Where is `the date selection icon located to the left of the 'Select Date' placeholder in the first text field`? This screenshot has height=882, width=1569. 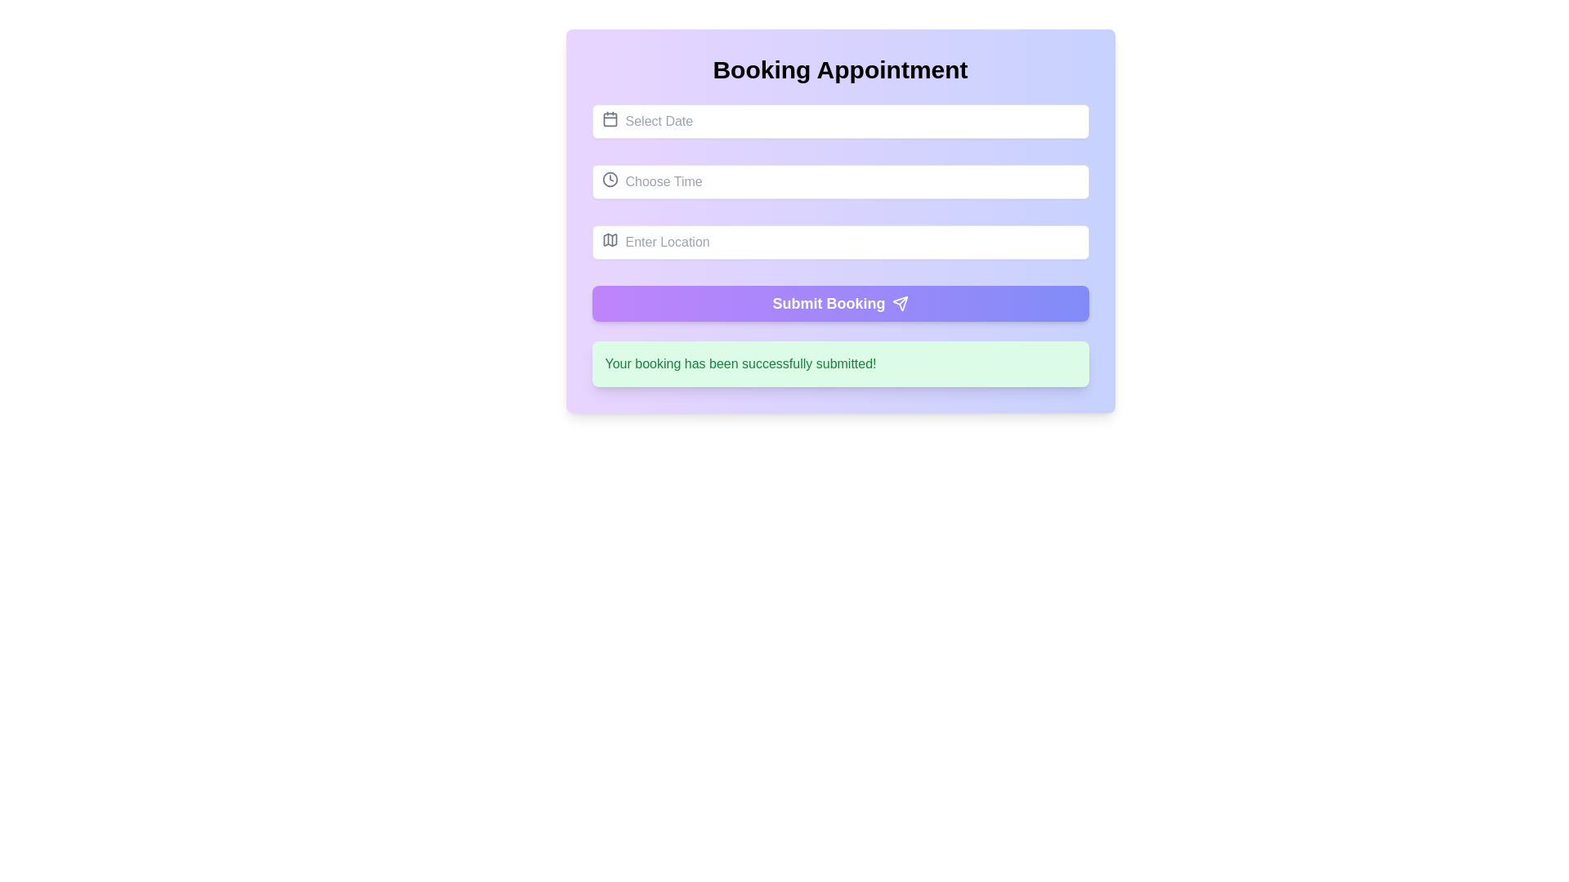 the date selection icon located to the left of the 'Select Date' placeholder in the first text field is located at coordinates (609, 118).